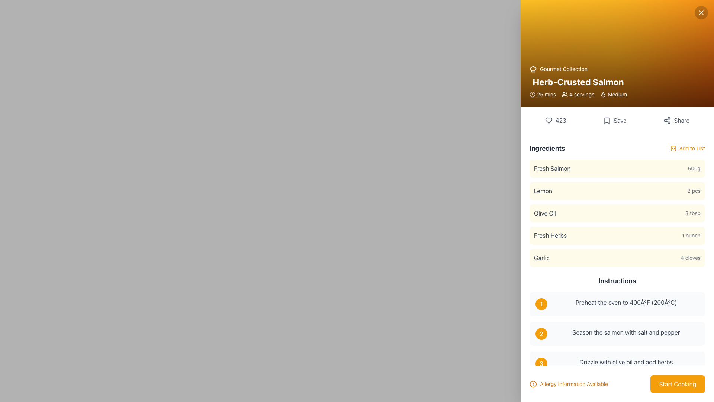 The width and height of the screenshot is (714, 402). I want to click on the circular alert icon with a centered exclamation mark located on the left side of the footer, next to the text 'Allergy Information Available', so click(533, 384).